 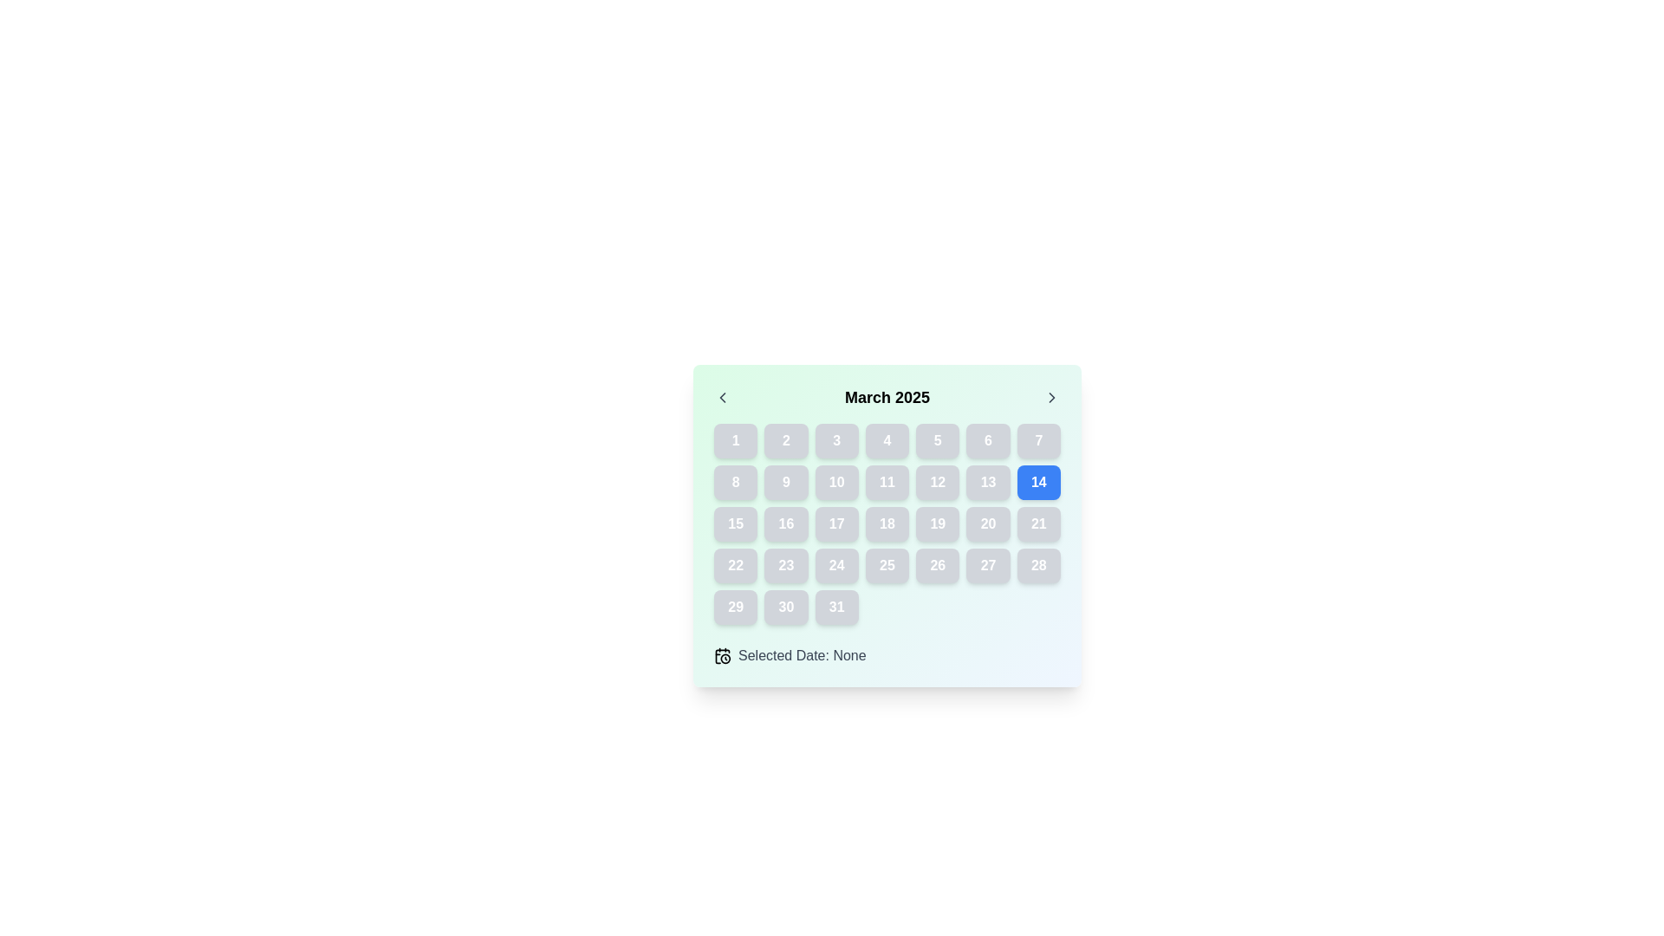 I want to click on the square-shaped button displaying the number '4', which has a gray background that changes to blue on hover, so click(x=887, y=440).